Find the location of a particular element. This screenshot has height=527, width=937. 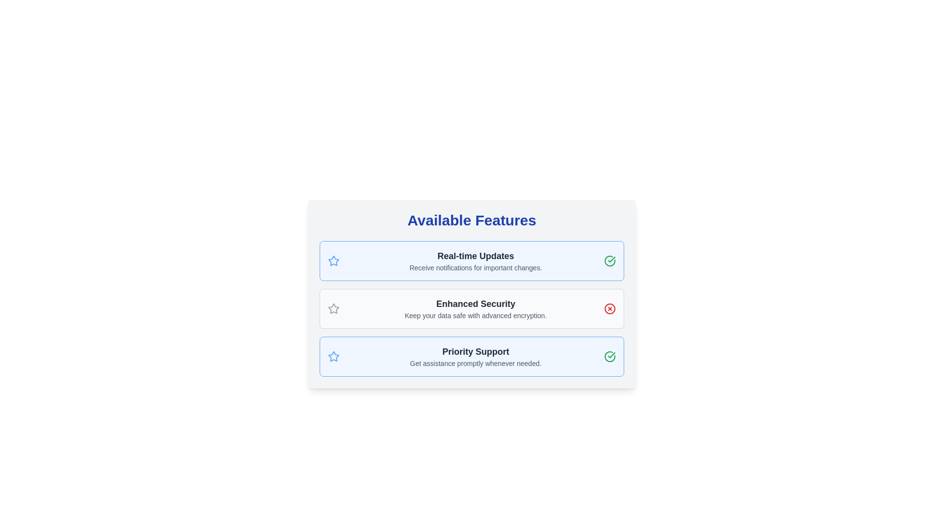

the text block that describes the 'Enhanced Security' feature, which is centrally positioned between the 'Real-time Updates' and 'Priority Support' features is located at coordinates (475, 308).